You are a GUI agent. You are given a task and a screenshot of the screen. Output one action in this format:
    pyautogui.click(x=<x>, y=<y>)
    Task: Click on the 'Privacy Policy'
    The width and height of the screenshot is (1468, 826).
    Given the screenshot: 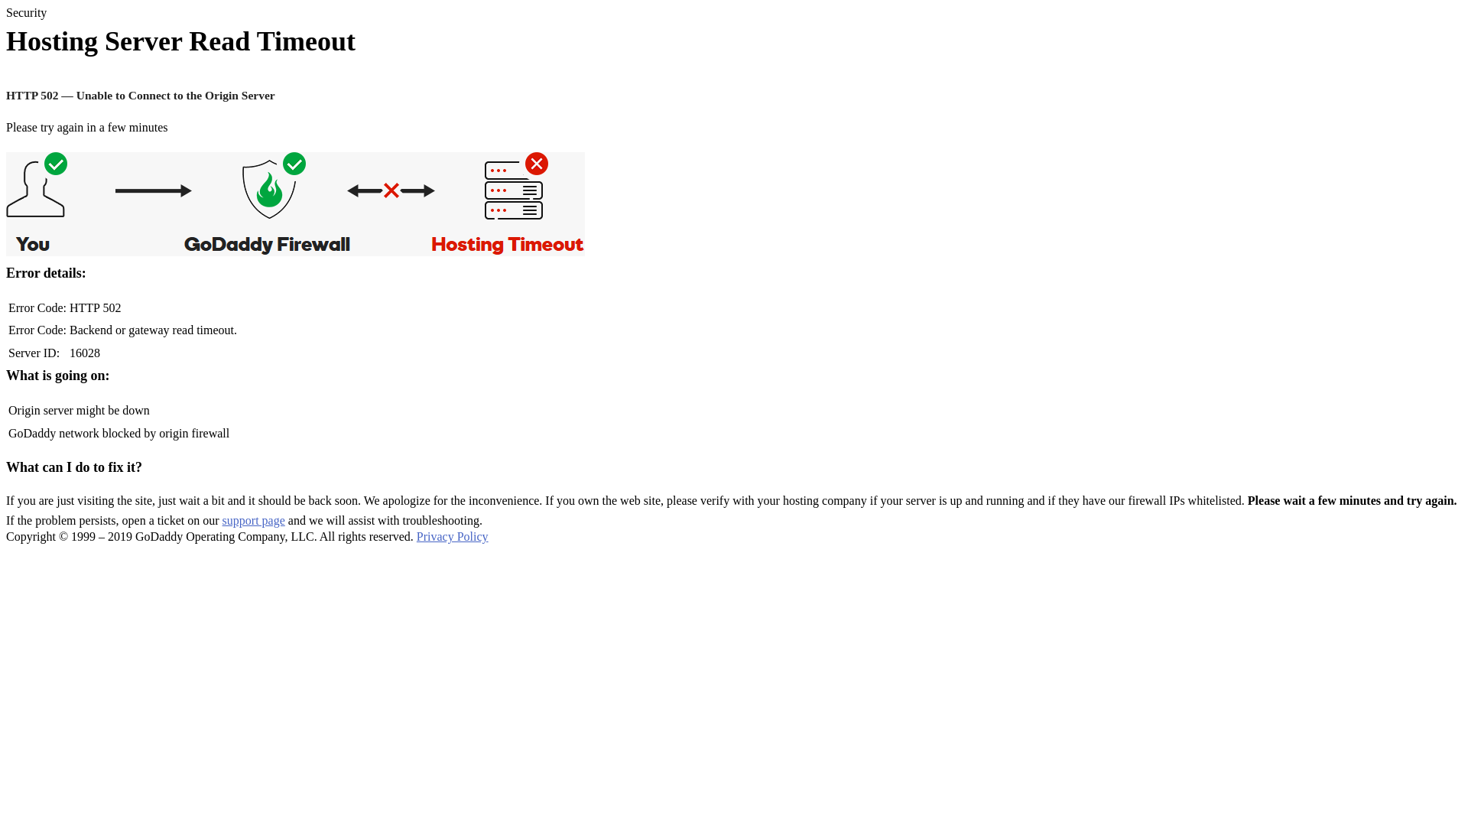 What is the action you would take?
    pyautogui.click(x=417, y=535)
    